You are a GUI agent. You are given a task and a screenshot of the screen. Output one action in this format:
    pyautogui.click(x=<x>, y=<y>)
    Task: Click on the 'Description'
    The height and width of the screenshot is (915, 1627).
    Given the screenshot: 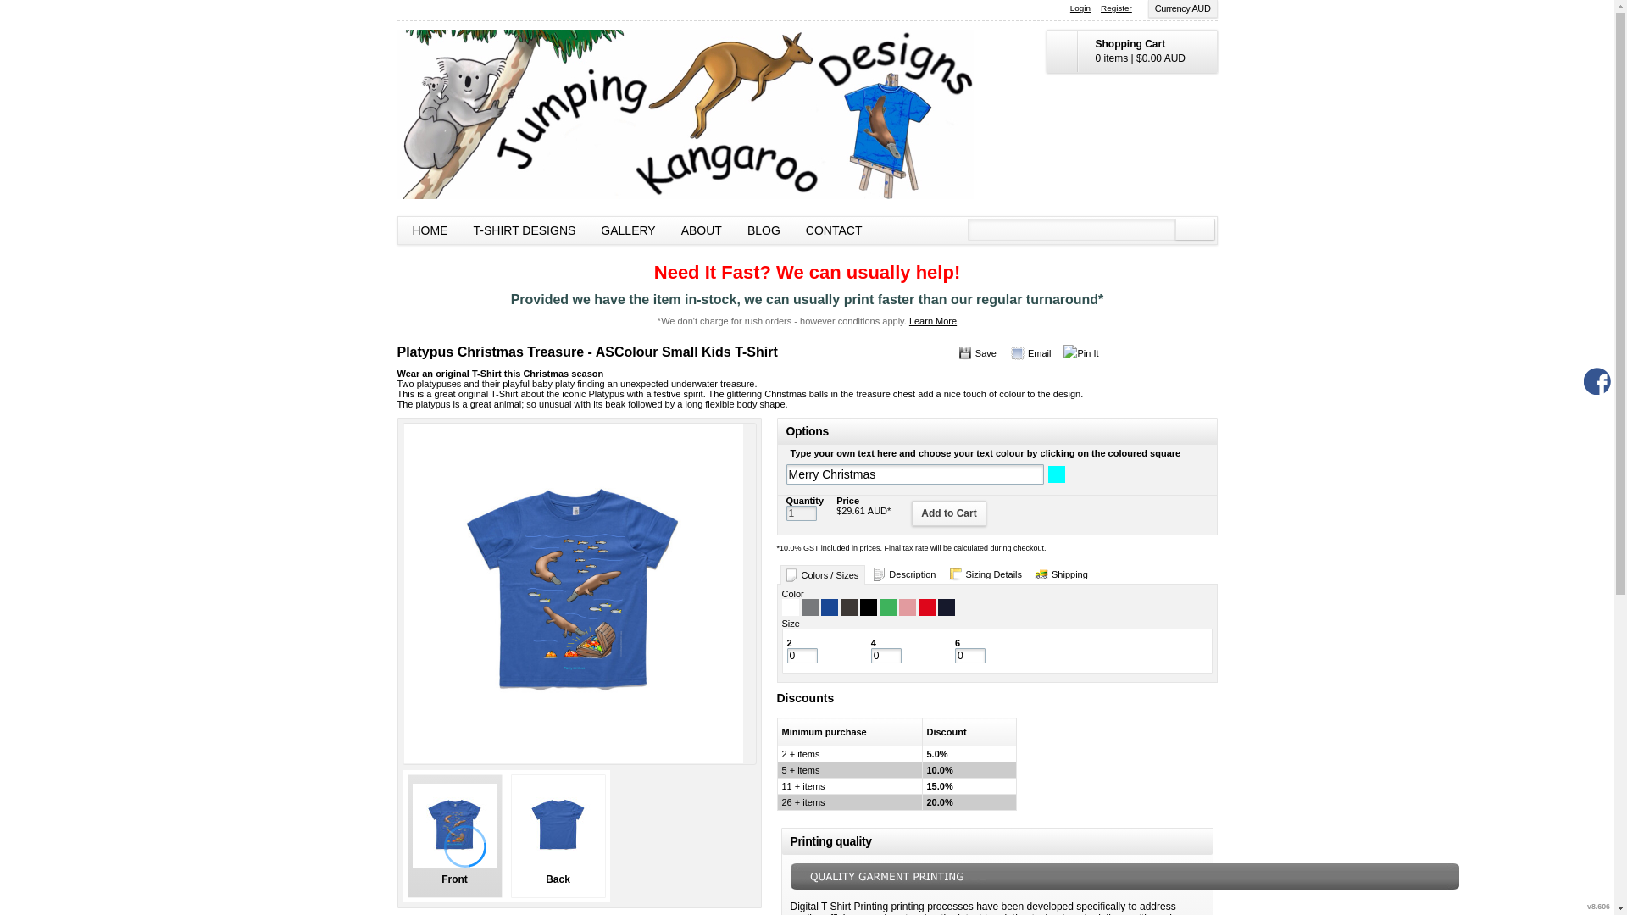 What is the action you would take?
    pyautogui.click(x=903, y=574)
    